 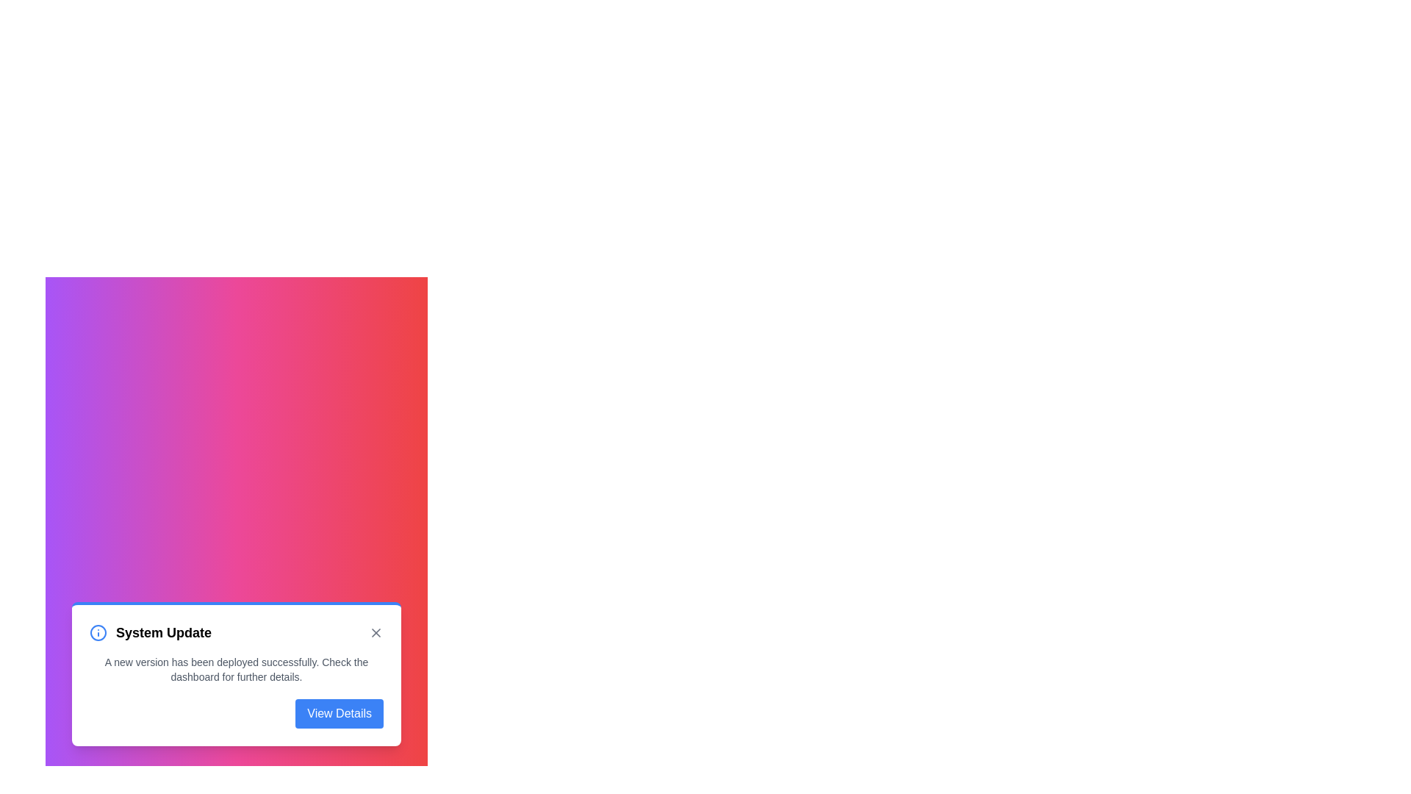 What do you see at coordinates (98, 632) in the screenshot?
I see `the circular decorative element in the SVG graphic that is part of an icon denoting information or alert, located within a notification card` at bounding box center [98, 632].